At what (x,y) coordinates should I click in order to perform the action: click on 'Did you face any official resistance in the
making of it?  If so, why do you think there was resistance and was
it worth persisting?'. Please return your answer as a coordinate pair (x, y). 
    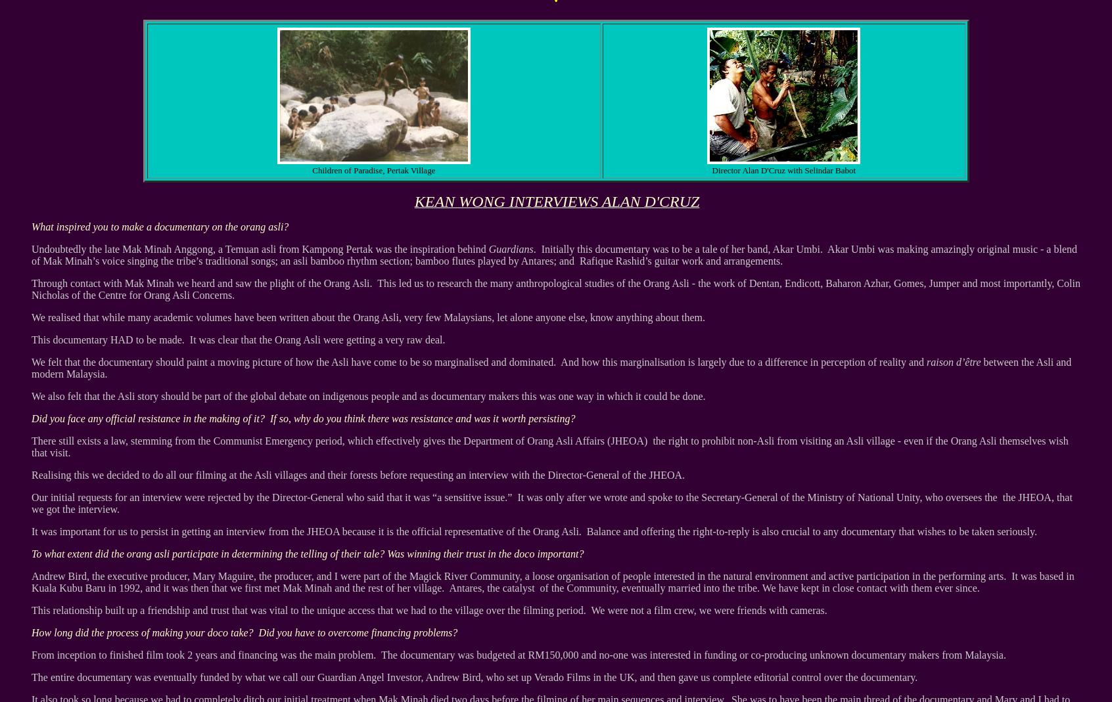
    Looking at the image, I should click on (302, 418).